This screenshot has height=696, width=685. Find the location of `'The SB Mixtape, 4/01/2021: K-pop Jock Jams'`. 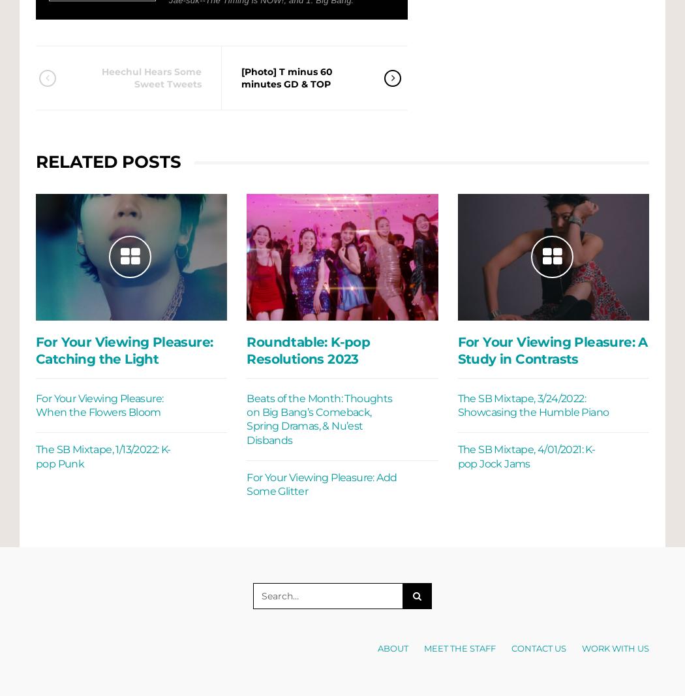

'The SB Mixtape, 4/01/2021: K-pop Jock Jams' is located at coordinates (525, 455).